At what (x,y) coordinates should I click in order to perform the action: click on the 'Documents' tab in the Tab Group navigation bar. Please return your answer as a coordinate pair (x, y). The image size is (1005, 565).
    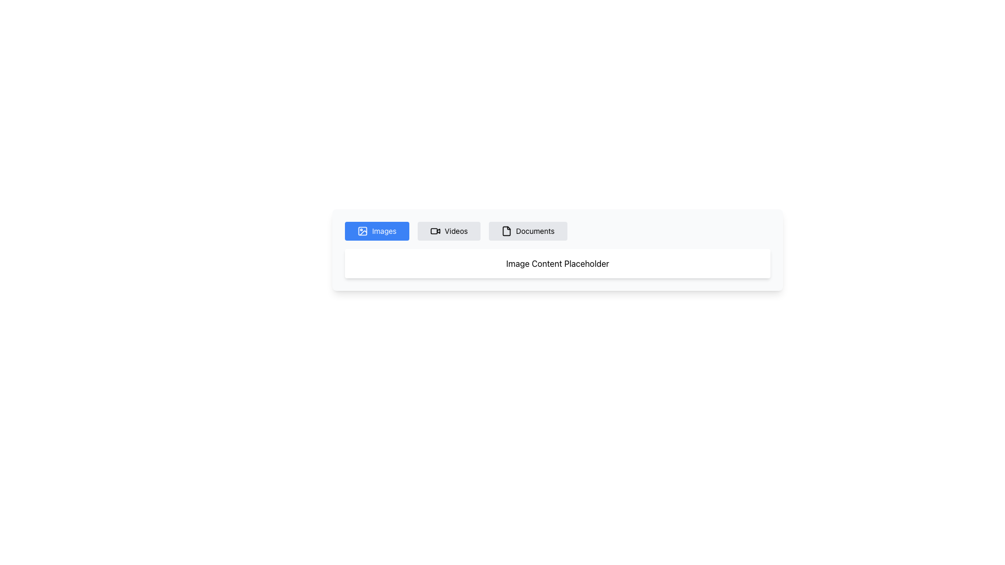
    Looking at the image, I should click on (557, 231).